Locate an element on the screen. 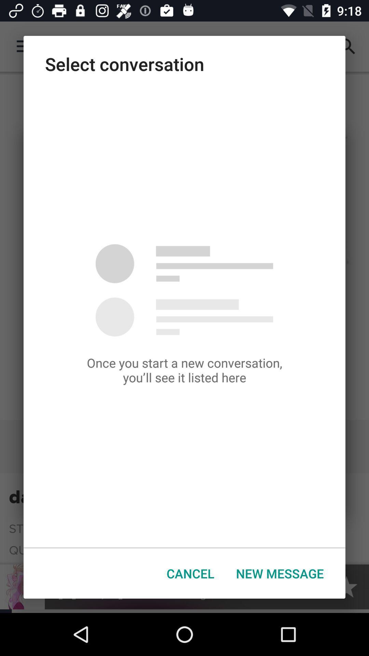  button next to cancel button is located at coordinates (280, 573).